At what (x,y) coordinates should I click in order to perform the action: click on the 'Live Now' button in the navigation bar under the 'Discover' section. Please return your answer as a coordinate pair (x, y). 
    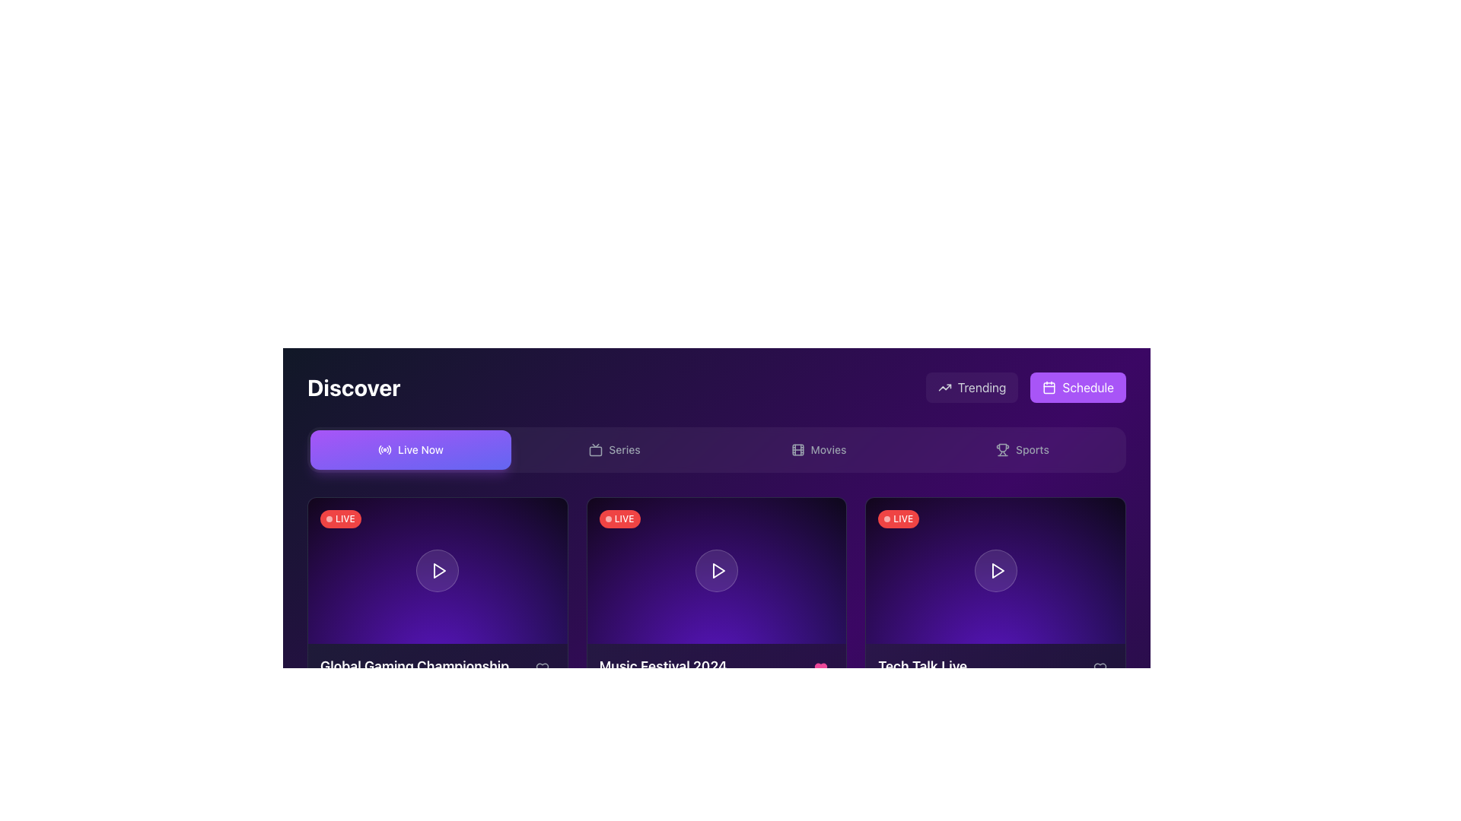
    Looking at the image, I should click on (410, 449).